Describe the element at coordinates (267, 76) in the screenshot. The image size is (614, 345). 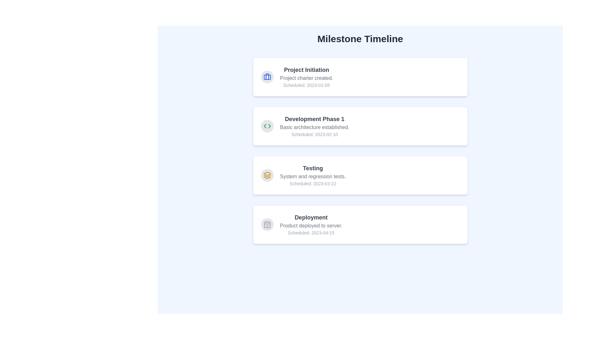
I see `the briefcase icon representing the deployment milestone, located to the left of the 'Deployment' text in the 'Milestone Timeline' section` at that location.